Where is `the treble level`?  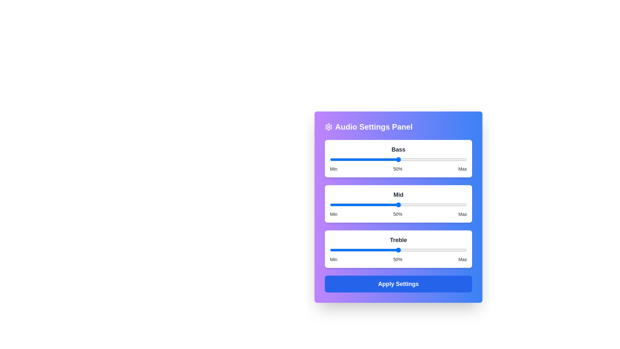
the treble level is located at coordinates (418, 250).